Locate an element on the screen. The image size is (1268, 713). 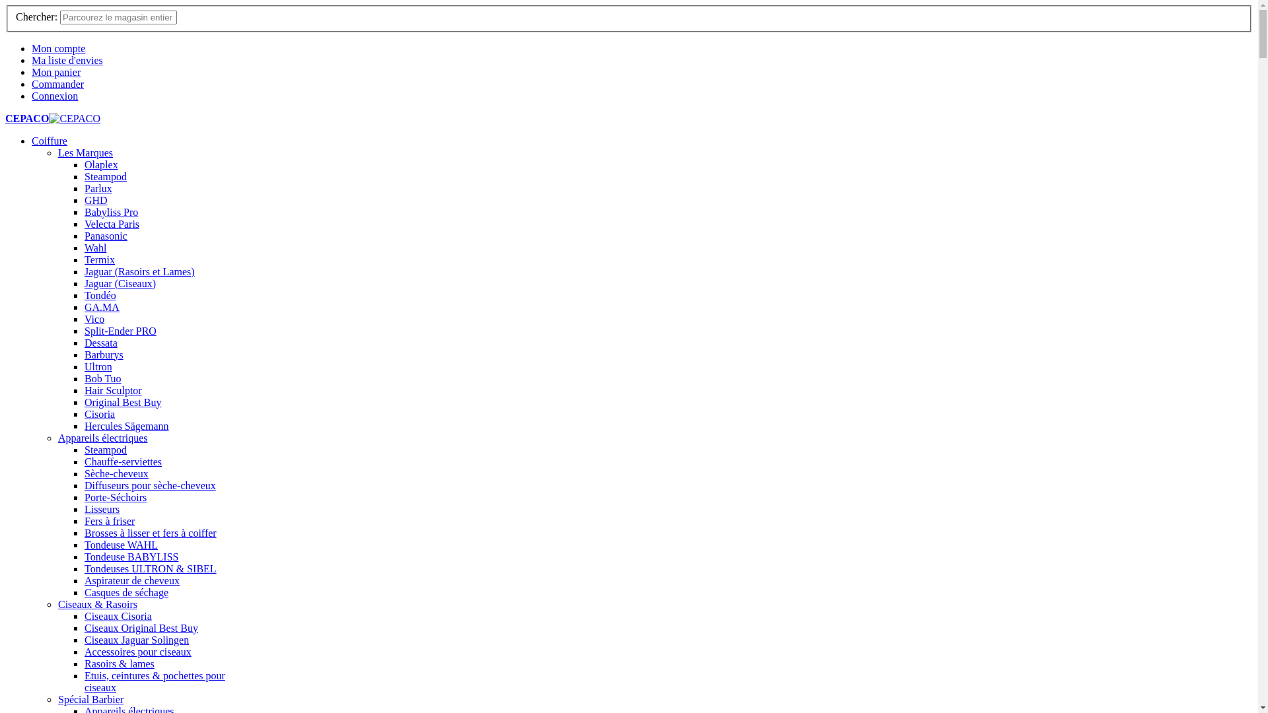
'Jaguar (Ciseaux)' is located at coordinates (120, 283).